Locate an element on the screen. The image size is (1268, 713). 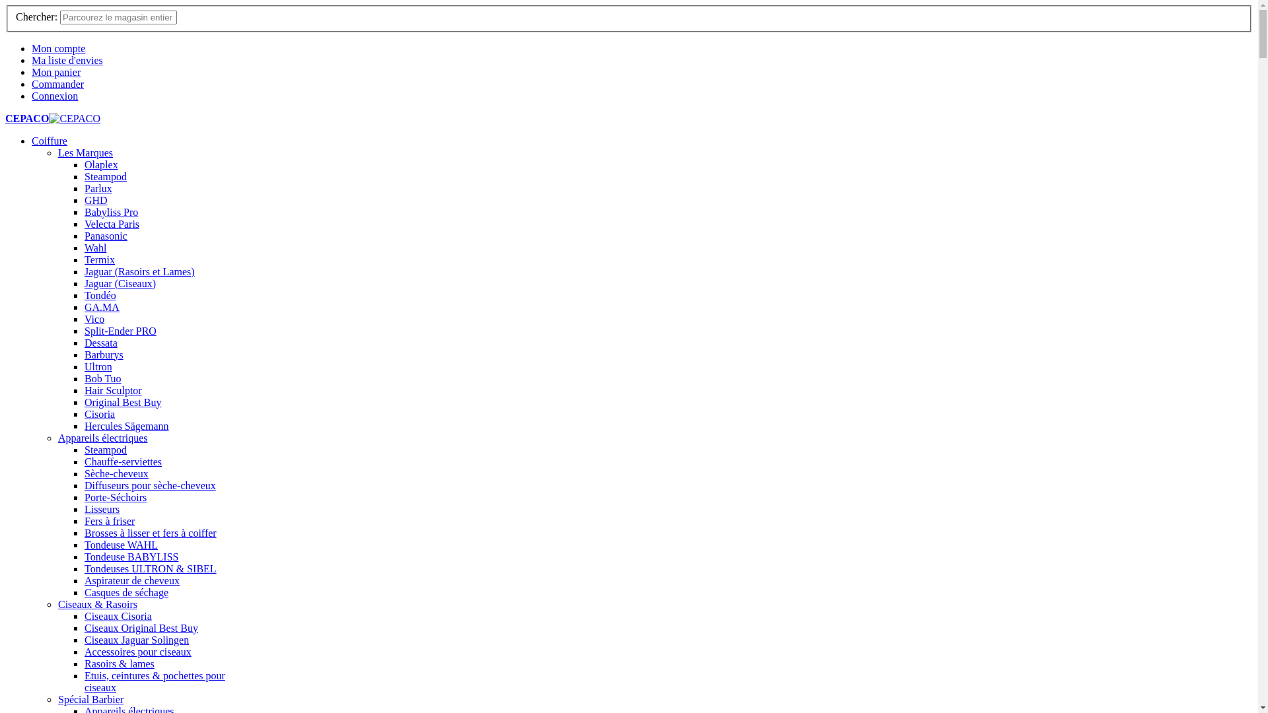
'Jaguar (Ciseaux)' is located at coordinates (120, 283).